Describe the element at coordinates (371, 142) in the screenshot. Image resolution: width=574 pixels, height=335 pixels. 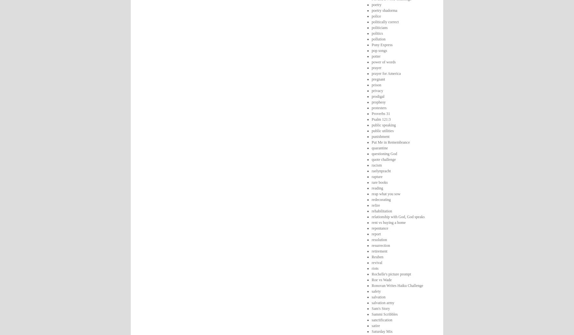
I see `'Put Me in Remembrance'` at that location.